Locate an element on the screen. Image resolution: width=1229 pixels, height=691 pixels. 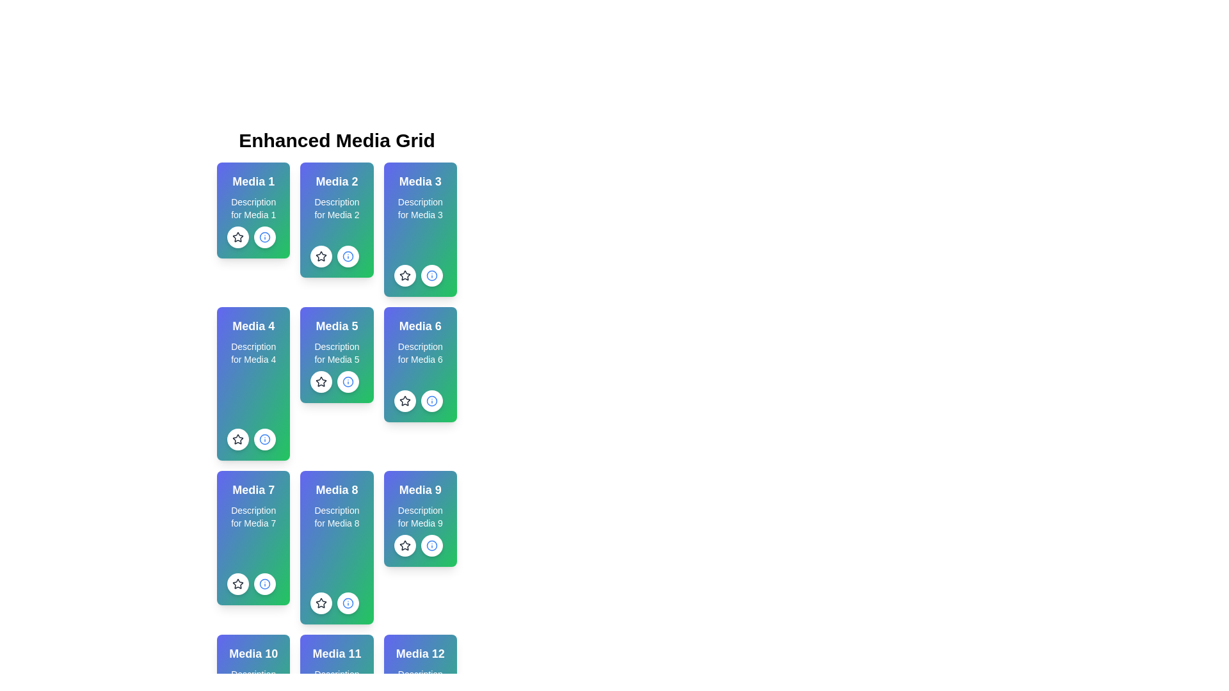
the white circular button with a black outlined star icon located at the bottom-left corner inside the card labeled 'Media 1' is located at coordinates (238, 237).